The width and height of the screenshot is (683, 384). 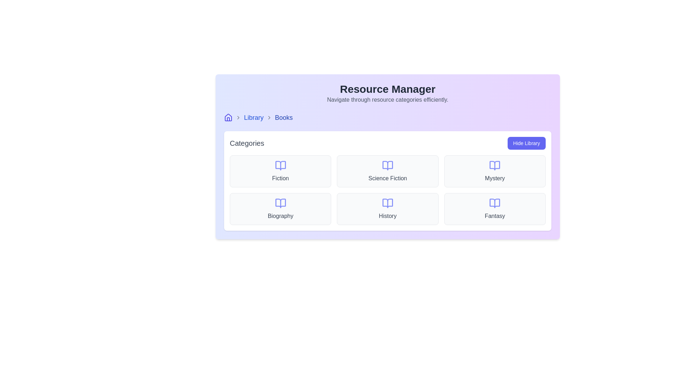 What do you see at coordinates (387, 203) in the screenshot?
I see `the book icon within the 'History' card located in the second row, second column of the grid` at bounding box center [387, 203].